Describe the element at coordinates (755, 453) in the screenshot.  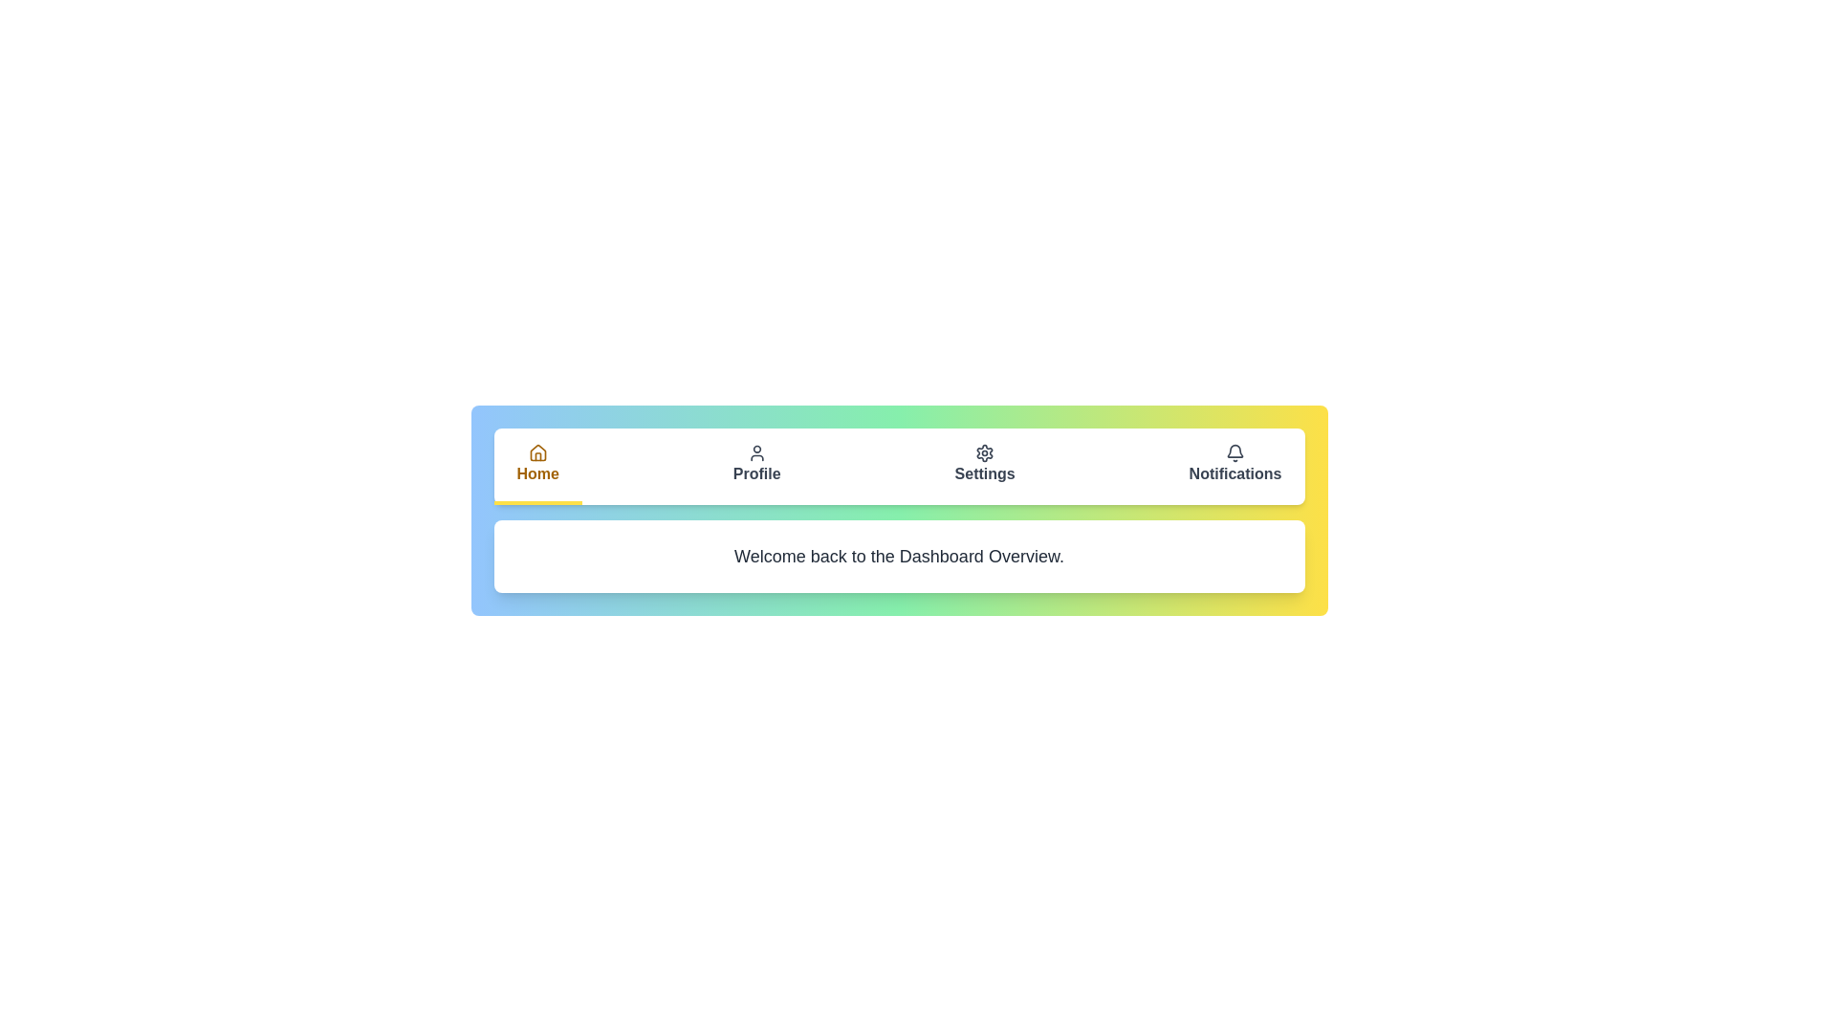
I see `the user icon represented by a minimalist outlined person silhouette in the 'Profile' menu option, located in the second position from the left in the horizontal navigation bar, for accessibility purposes` at that location.